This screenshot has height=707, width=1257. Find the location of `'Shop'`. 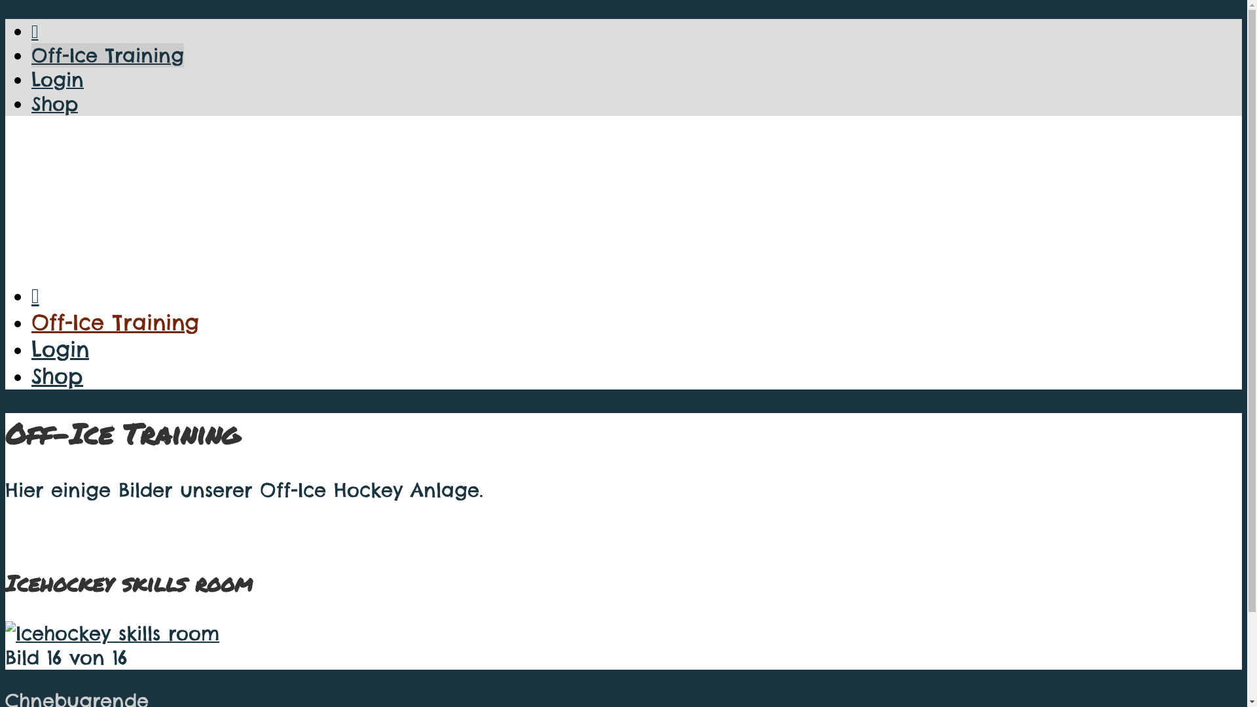

'Shop' is located at coordinates (56, 376).